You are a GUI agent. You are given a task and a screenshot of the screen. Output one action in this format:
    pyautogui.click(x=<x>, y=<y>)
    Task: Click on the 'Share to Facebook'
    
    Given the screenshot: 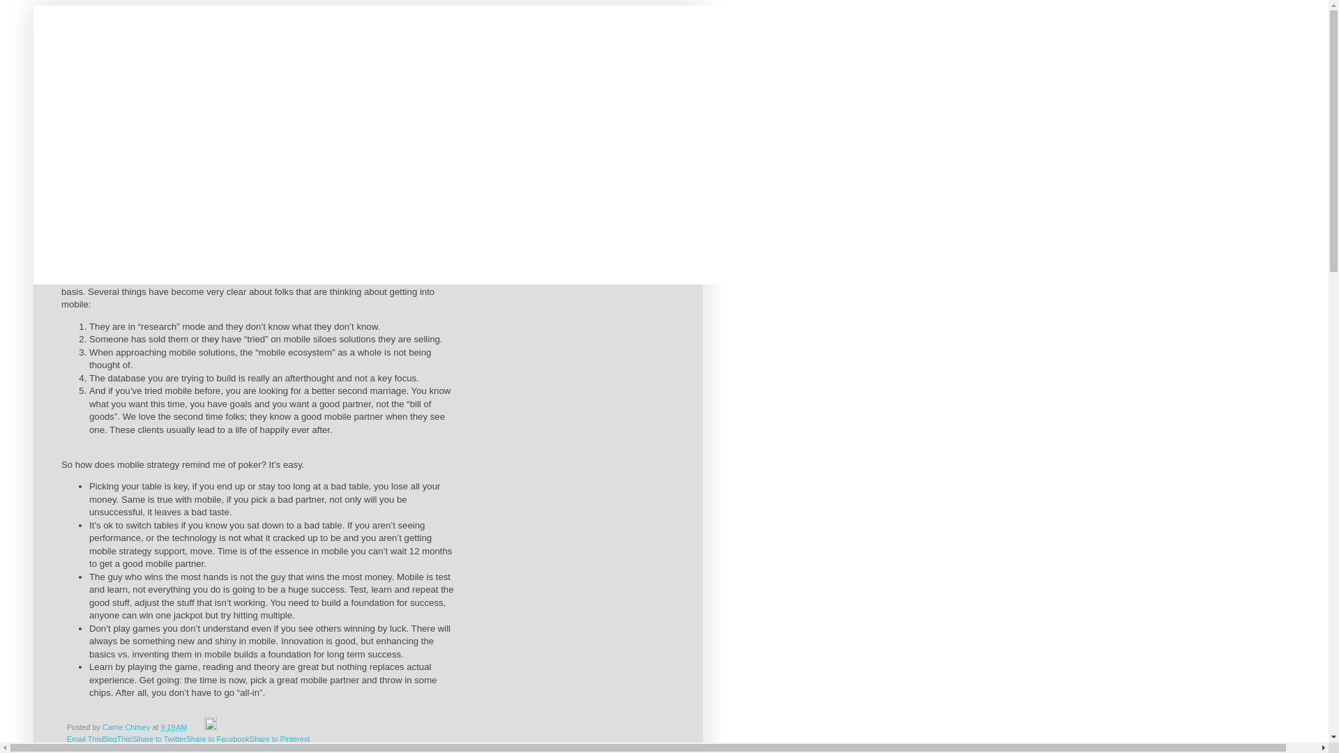 What is the action you would take?
    pyautogui.click(x=217, y=738)
    